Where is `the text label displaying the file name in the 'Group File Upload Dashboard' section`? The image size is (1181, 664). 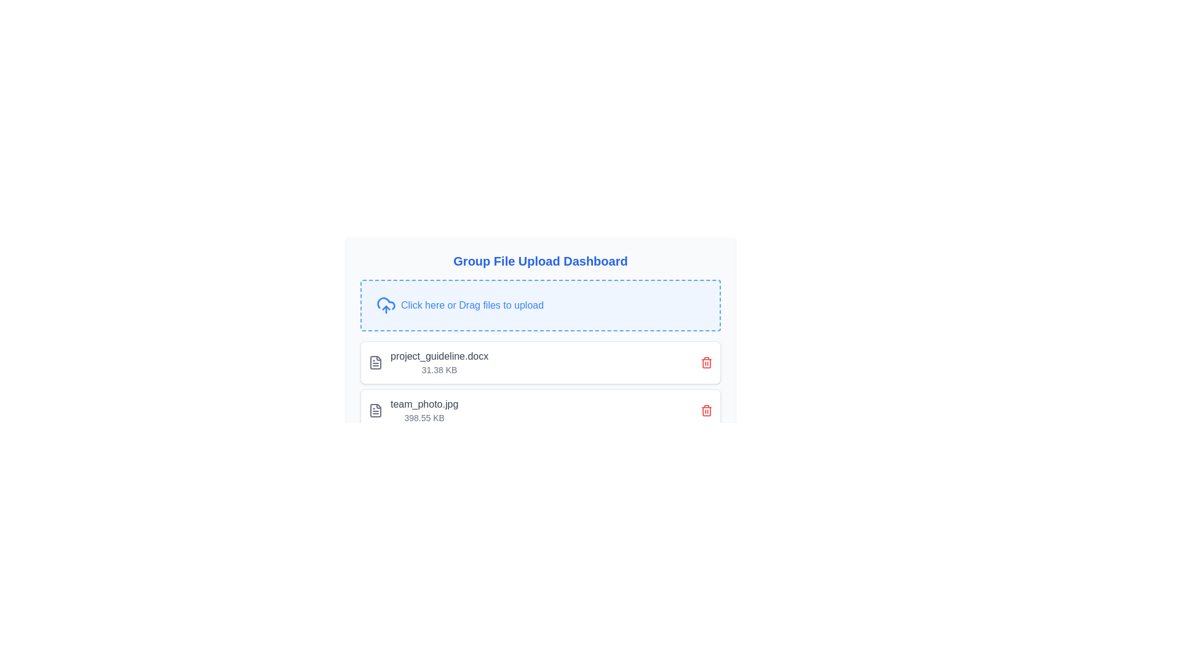 the text label displaying the file name in the 'Group File Upload Dashboard' section is located at coordinates (424, 405).